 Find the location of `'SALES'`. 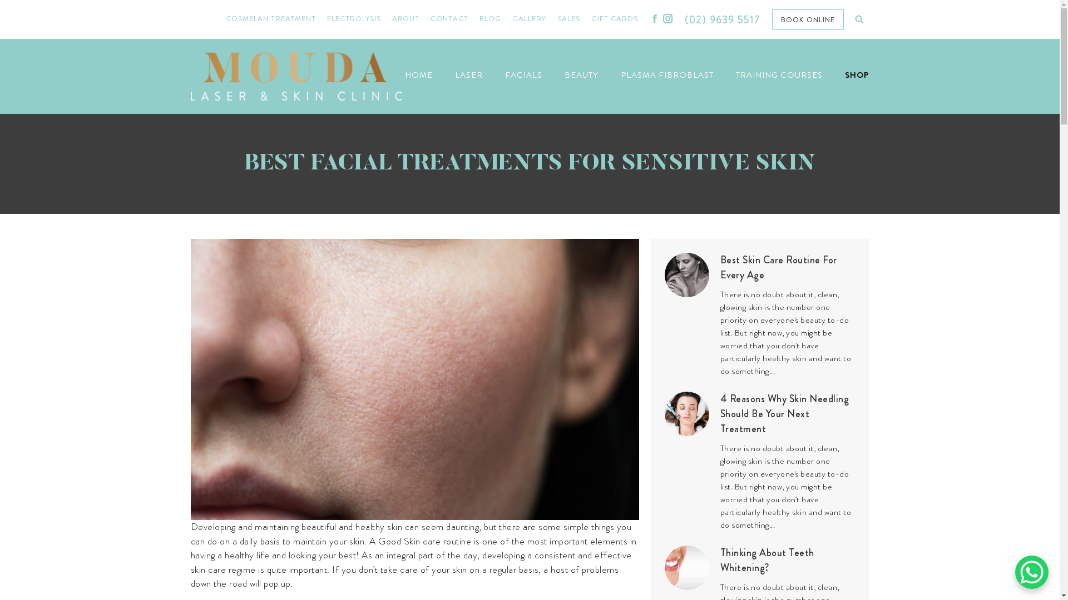

'SALES' is located at coordinates (568, 19).